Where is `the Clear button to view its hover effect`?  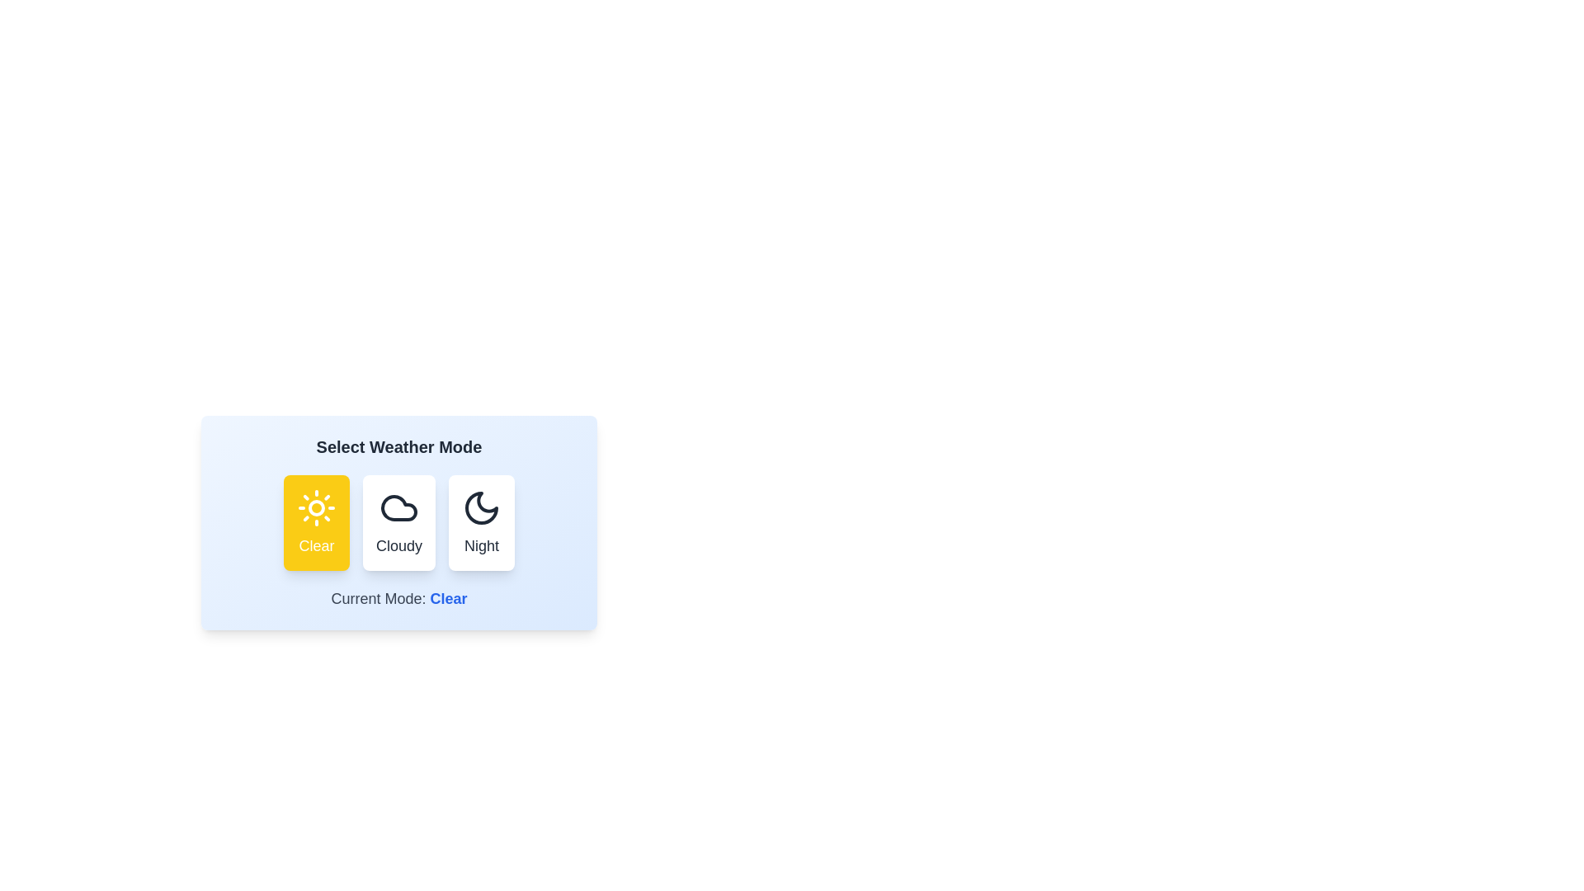
the Clear button to view its hover effect is located at coordinates (317, 522).